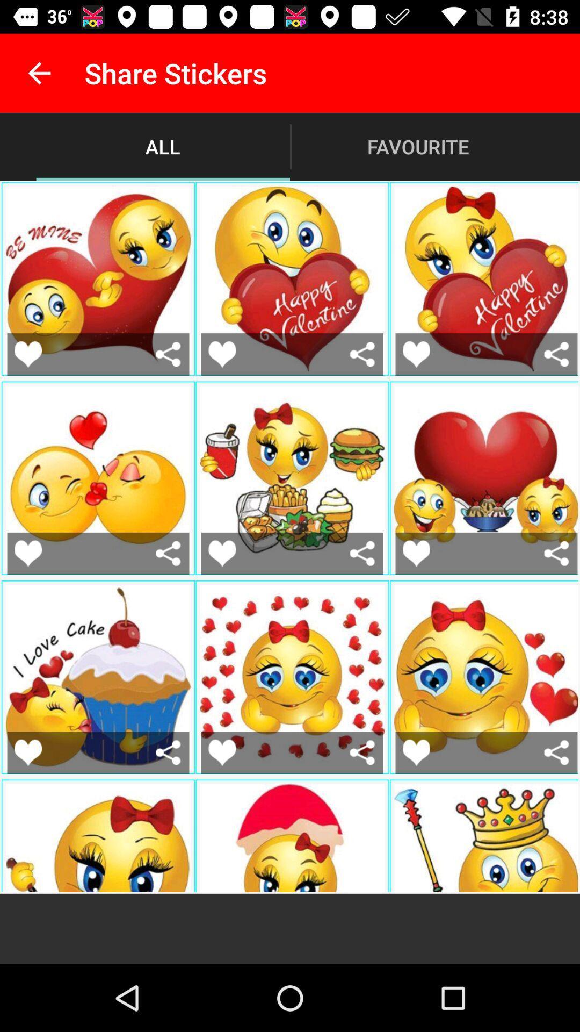  What do you see at coordinates (556, 752) in the screenshot?
I see `share sticker` at bounding box center [556, 752].